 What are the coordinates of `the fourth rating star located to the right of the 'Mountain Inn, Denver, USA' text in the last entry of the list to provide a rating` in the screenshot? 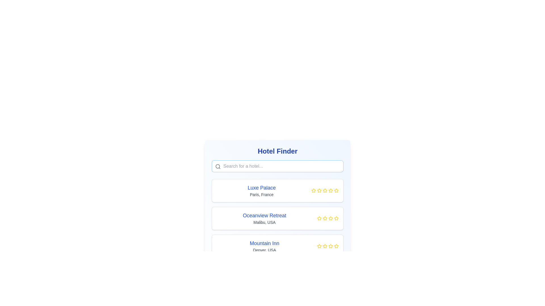 It's located at (331, 246).